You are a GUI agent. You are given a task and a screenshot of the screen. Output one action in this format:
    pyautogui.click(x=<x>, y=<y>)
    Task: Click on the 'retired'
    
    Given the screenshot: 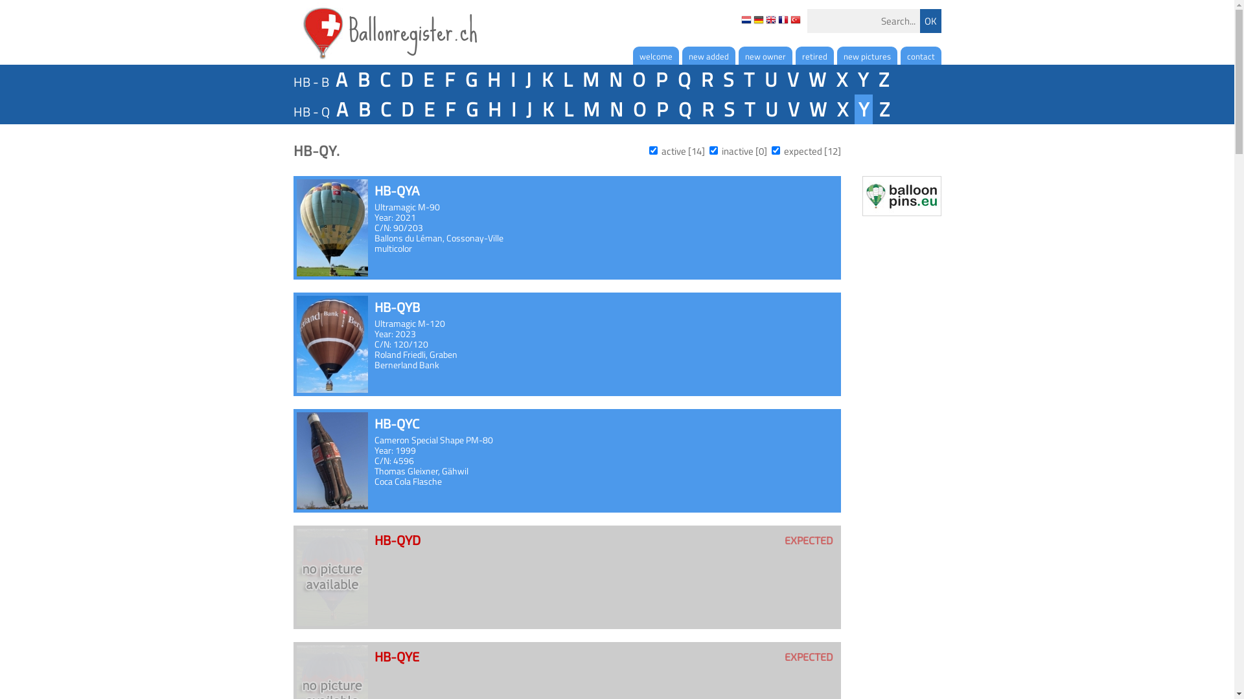 What is the action you would take?
    pyautogui.click(x=814, y=54)
    